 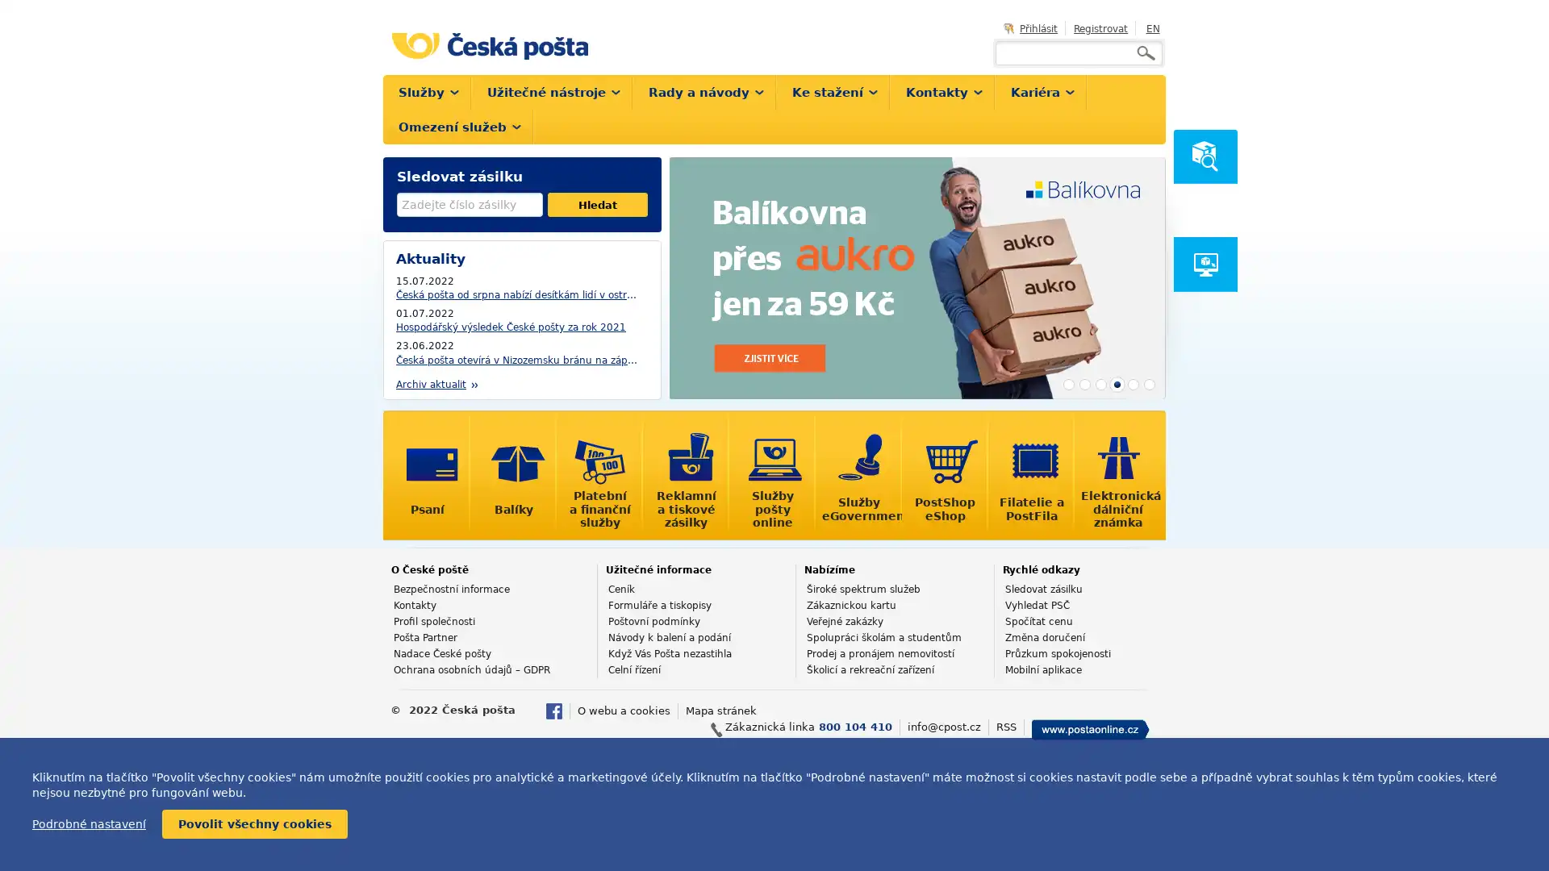 What do you see at coordinates (254, 824) in the screenshot?
I see `Povolit vsechny cookies` at bounding box center [254, 824].